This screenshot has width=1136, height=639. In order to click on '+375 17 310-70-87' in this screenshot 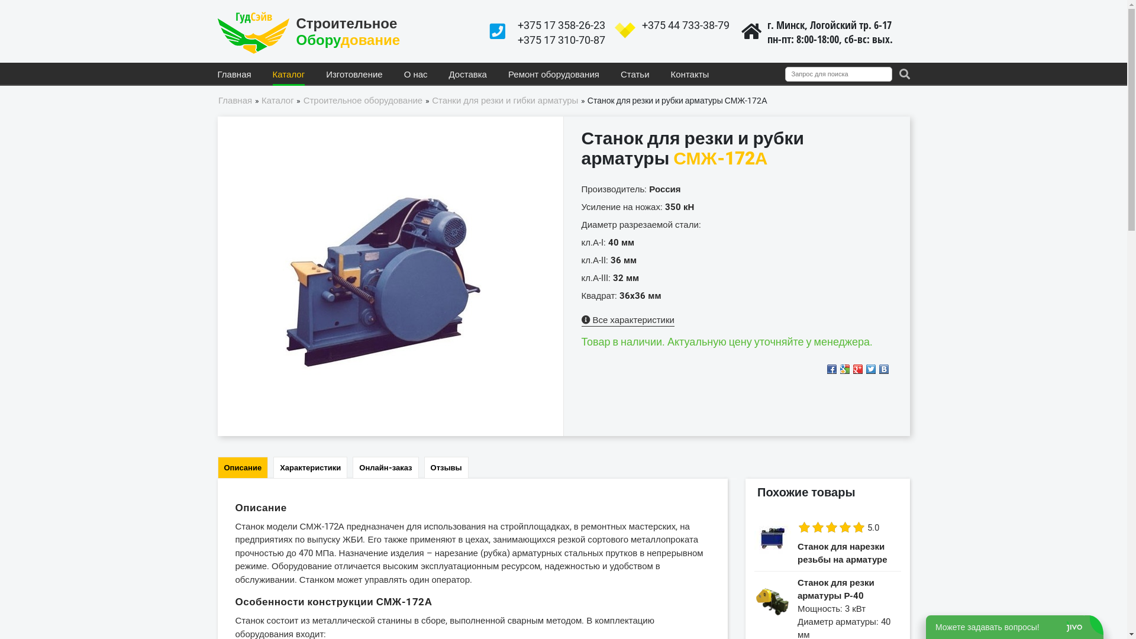, I will do `click(560, 39)`.